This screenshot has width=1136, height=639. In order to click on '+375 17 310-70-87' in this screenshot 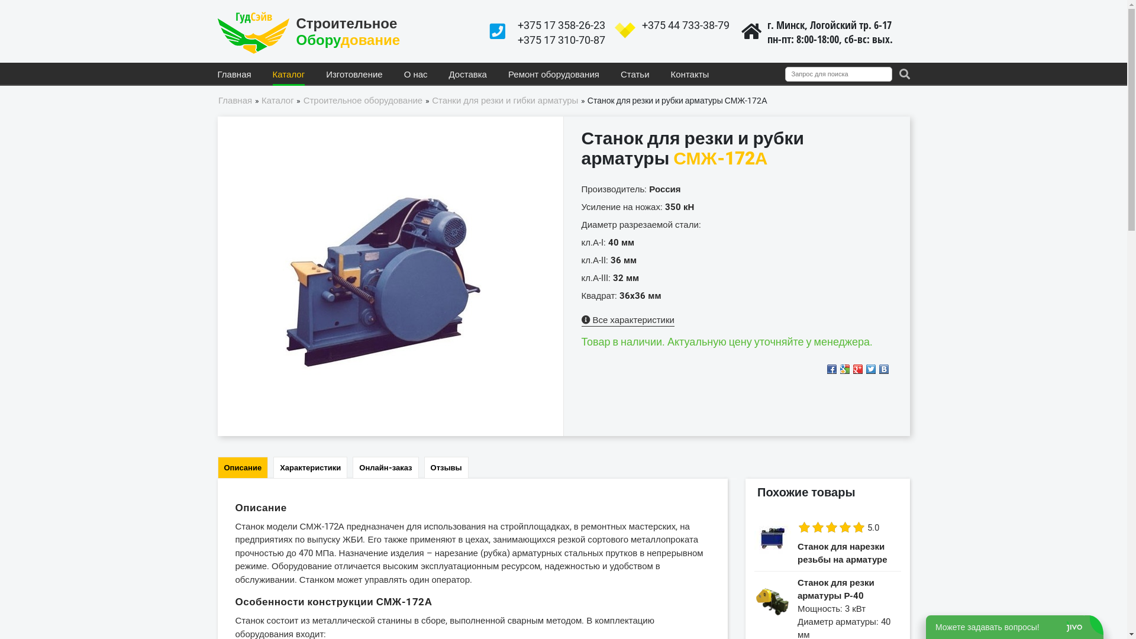, I will do `click(560, 39)`.